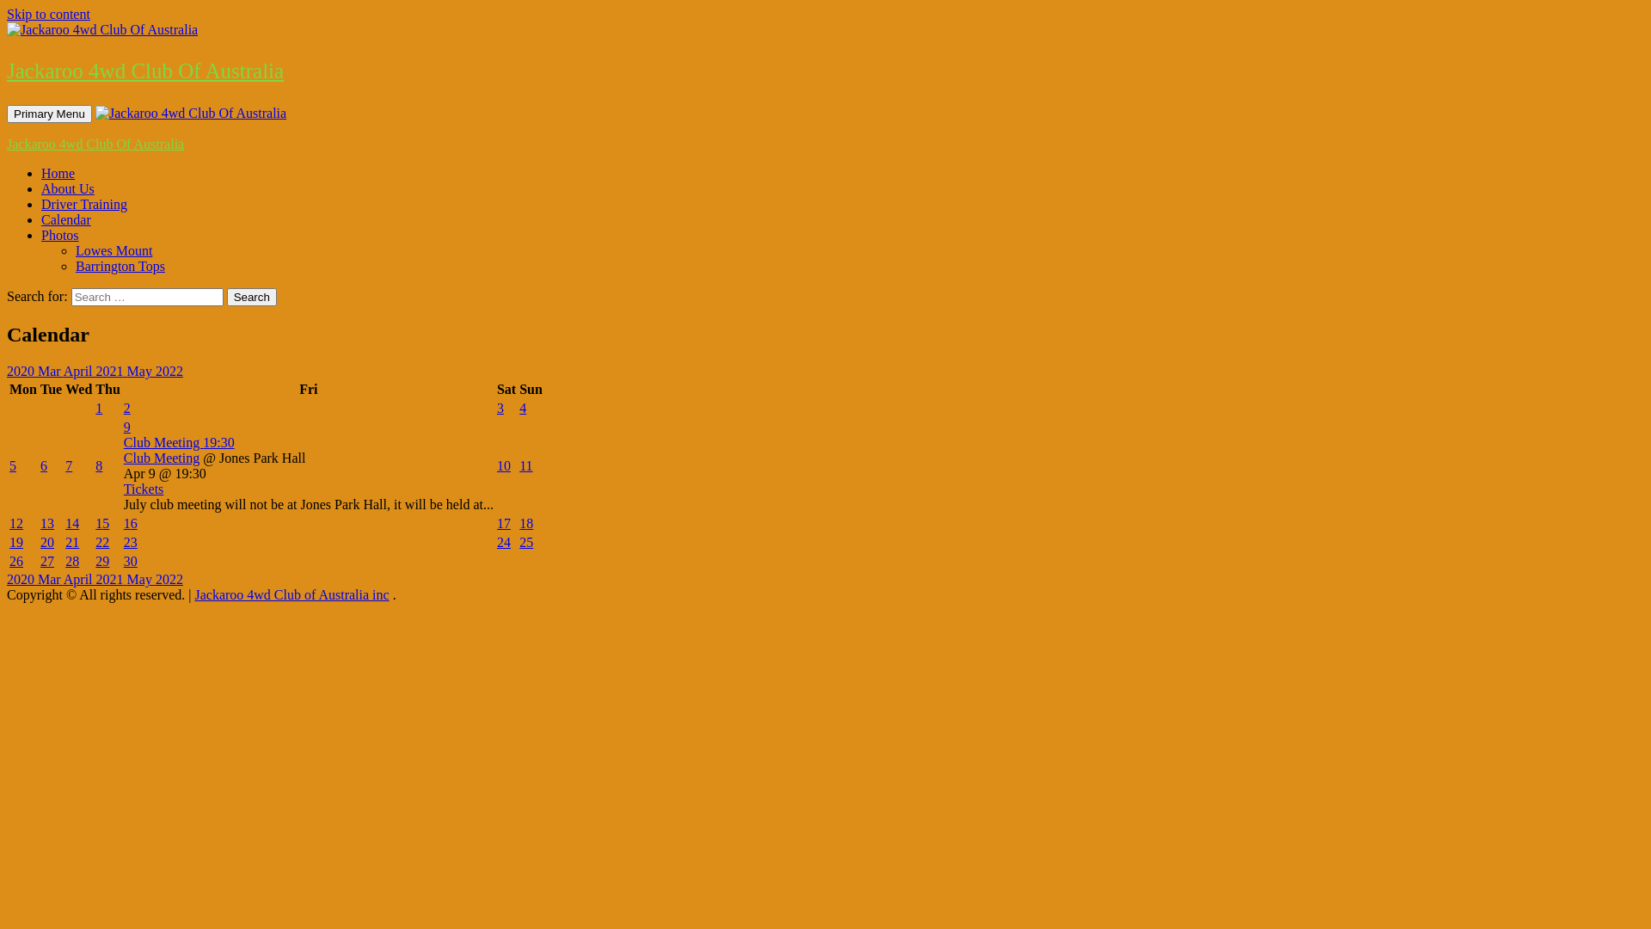 The width and height of the screenshot is (1651, 929). What do you see at coordinates (9, 465) in the screenshot?
I see `'5'` at bounding box center [9, 465].